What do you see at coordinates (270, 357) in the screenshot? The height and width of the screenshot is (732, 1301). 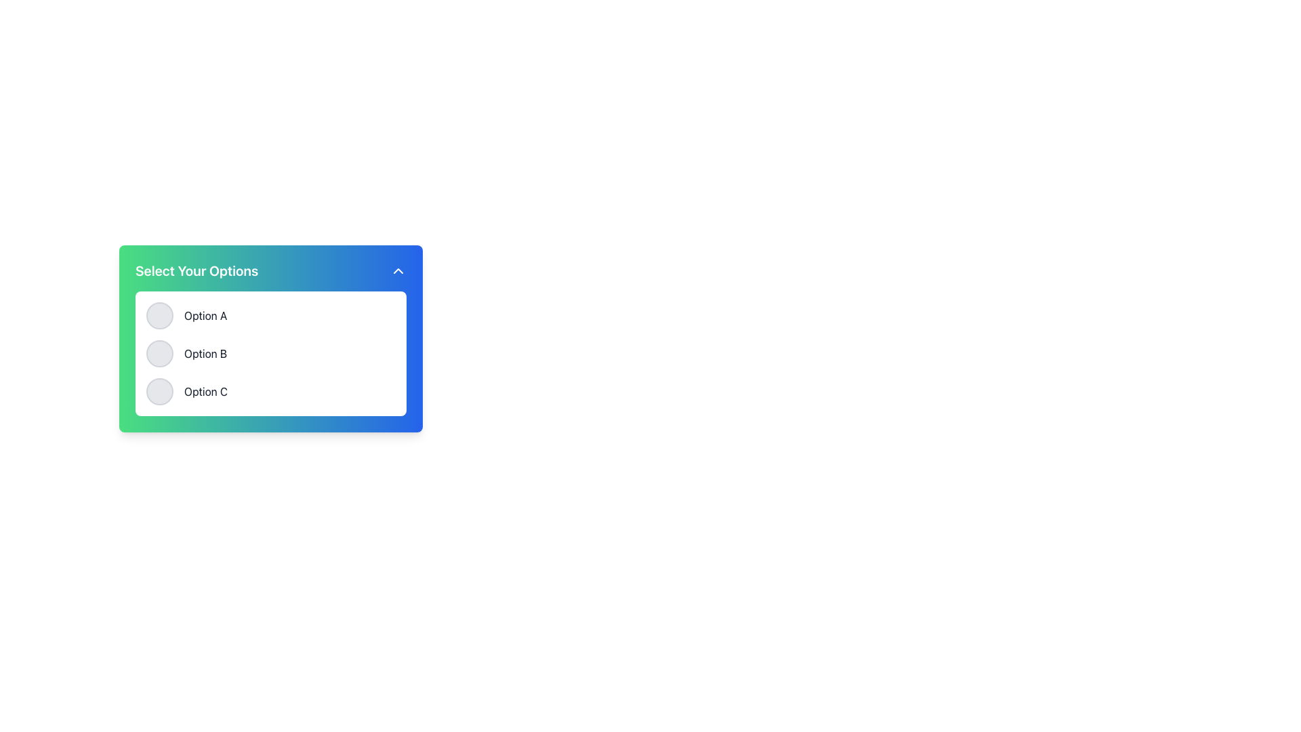 I see `the checkboxes in the selection panel located centrally in the layout` at bounding box center [270, 357].